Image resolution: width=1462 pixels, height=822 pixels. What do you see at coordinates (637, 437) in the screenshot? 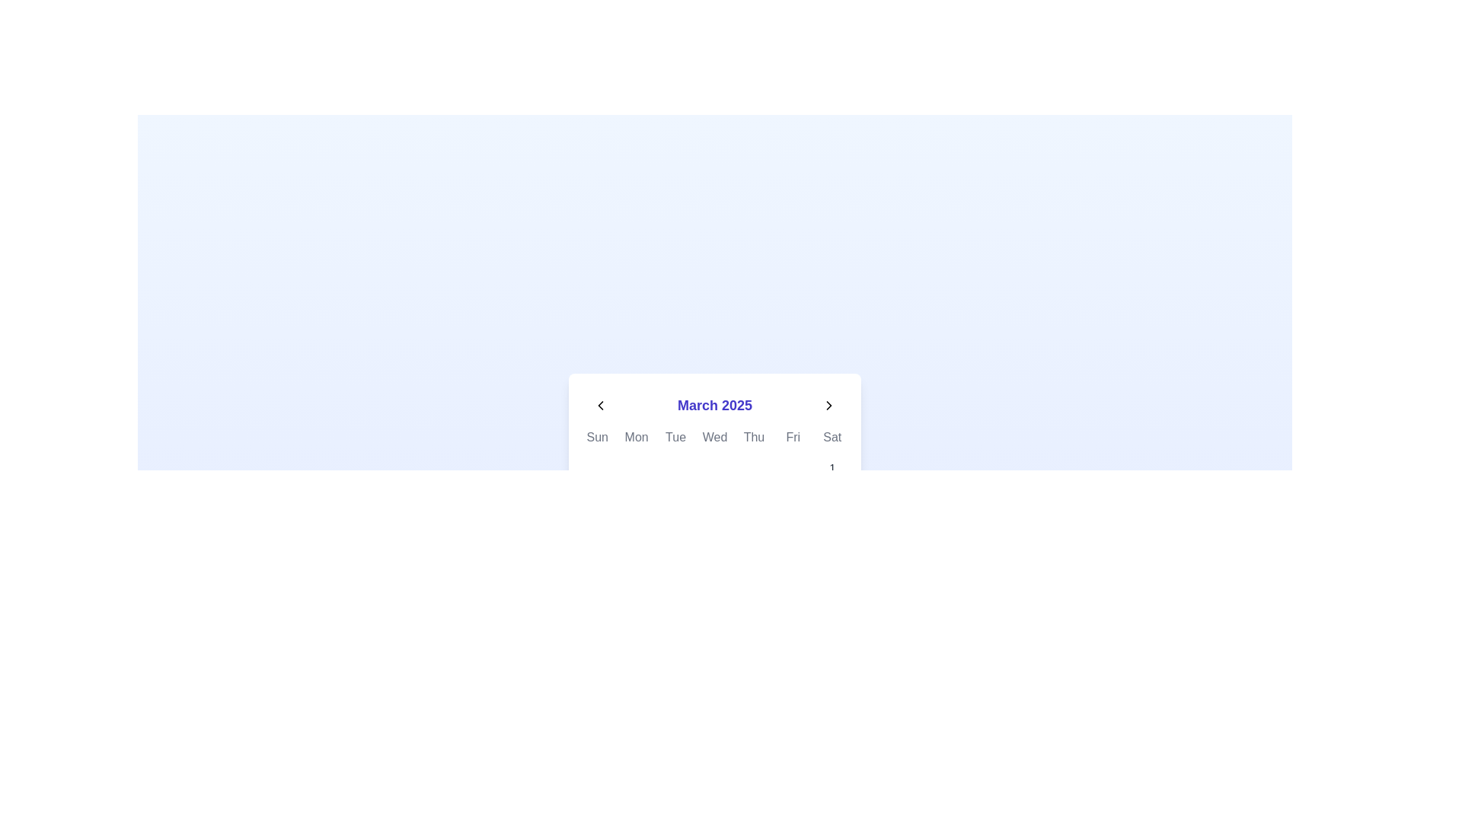
I see `the text label displaying 'Mon', which is the second item in a horizontal row of abbreviated weekday names above the calendar month` at bounding box center [637, 437].